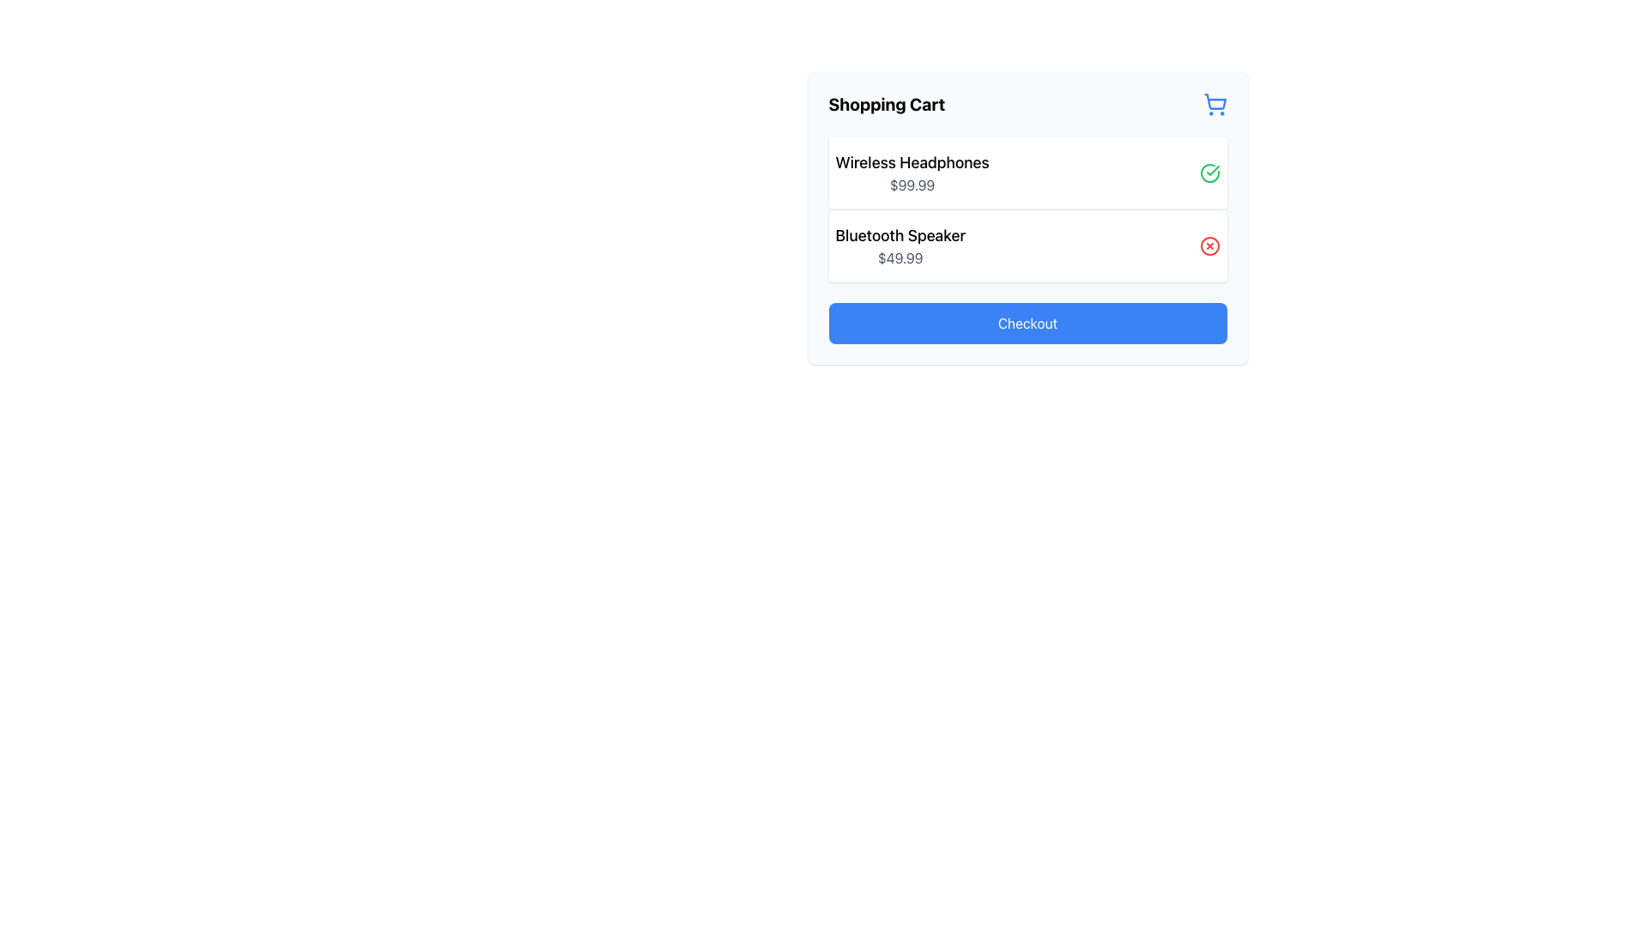  I want to click on the blue shopping cart icon located in the top-right corner, adjacent to the 'Shopping Cart' title, so click(1214, 105).